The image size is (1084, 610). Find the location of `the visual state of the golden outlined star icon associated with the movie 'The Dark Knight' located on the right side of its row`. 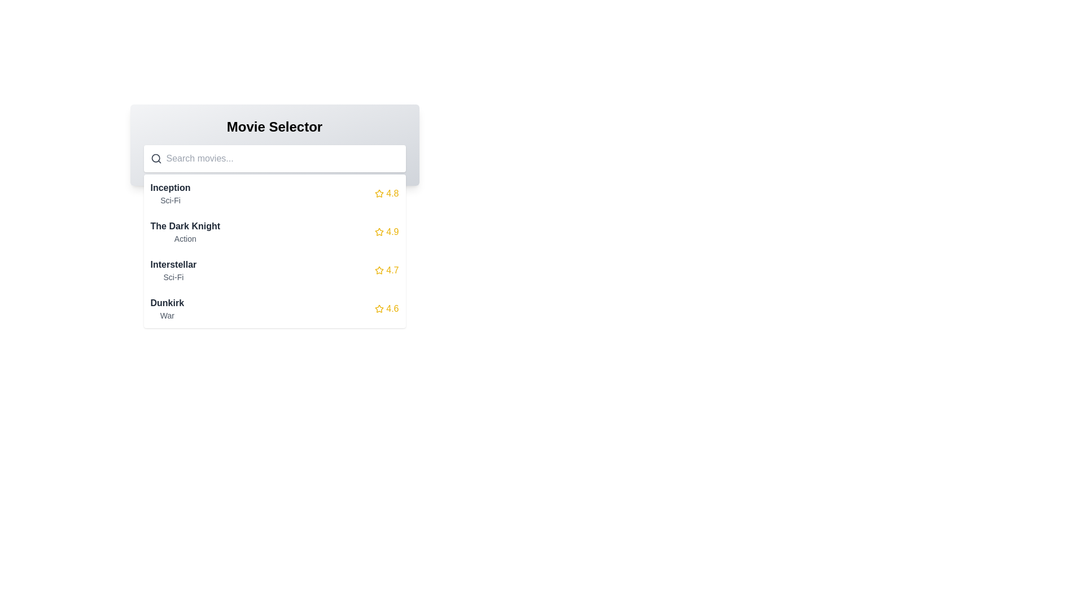

the visual state of the golden outlined star icon associated with the movie 'The Dark Knight' located on the right side of its row is located at coordinates (379, 231).